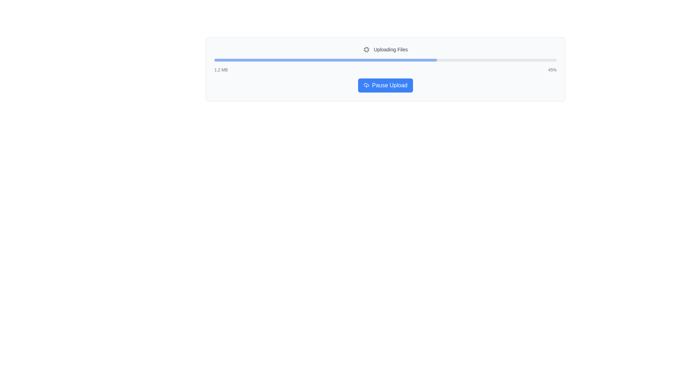  I want to click on the status text label indicating that files are in the process of being uploaded, which is located above the progress bar and next to a spinning loader icon, so click(390, 49).